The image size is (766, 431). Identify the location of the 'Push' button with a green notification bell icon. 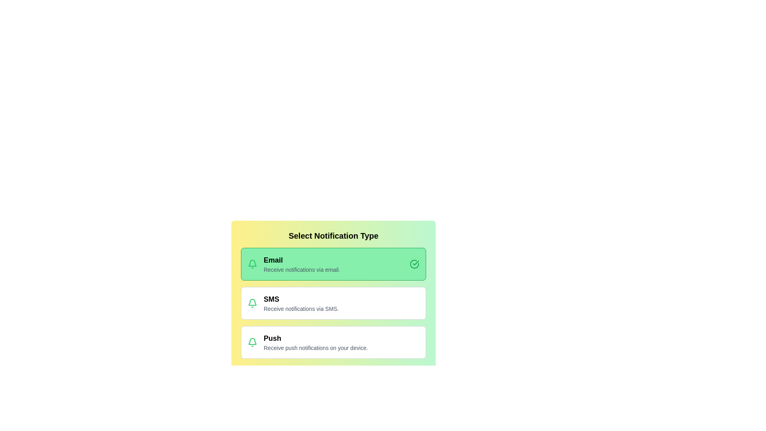
(333, 342).